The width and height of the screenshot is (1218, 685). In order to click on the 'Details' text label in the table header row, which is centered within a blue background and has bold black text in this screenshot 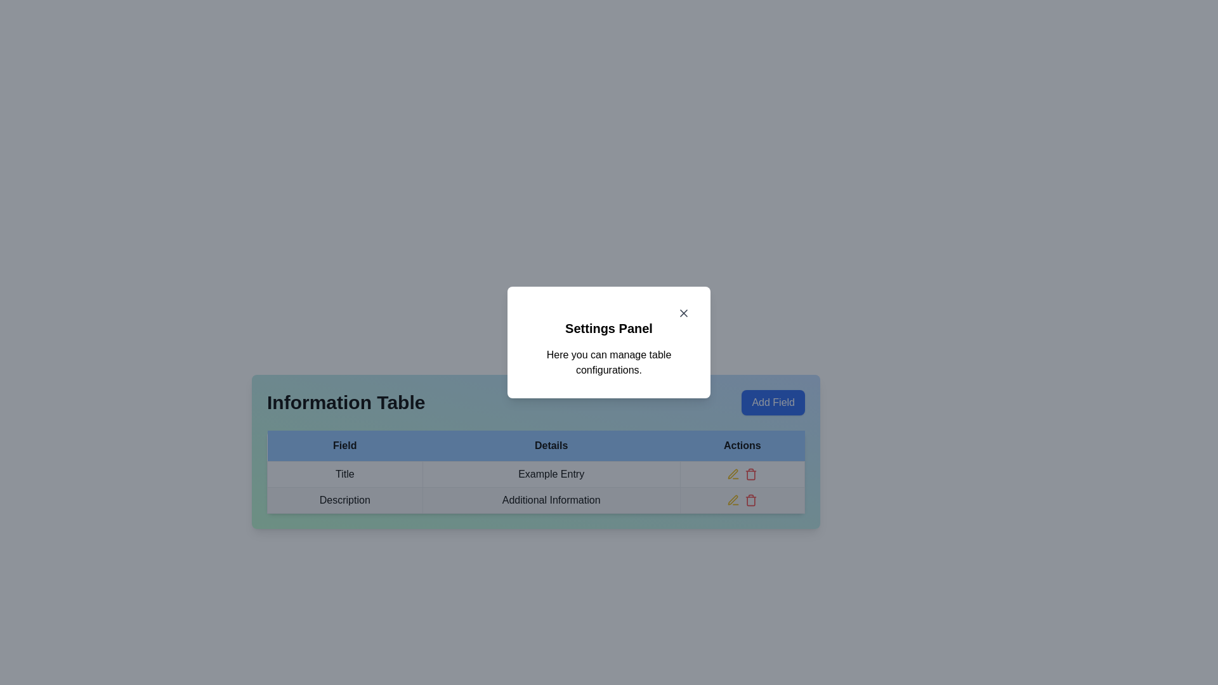, I will do `click(551, 445)`.